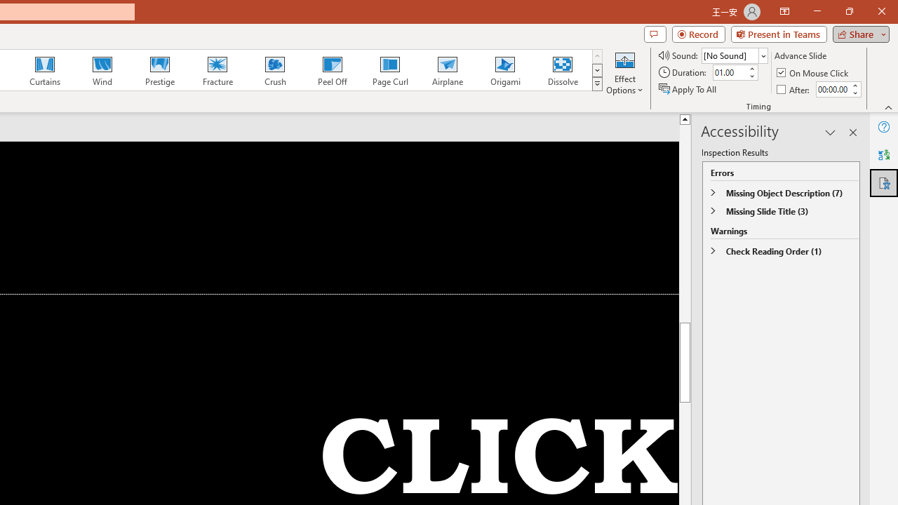  Describe the element at coordinates (101, 70) in the screenshot. I see `'Wind'` at that location.